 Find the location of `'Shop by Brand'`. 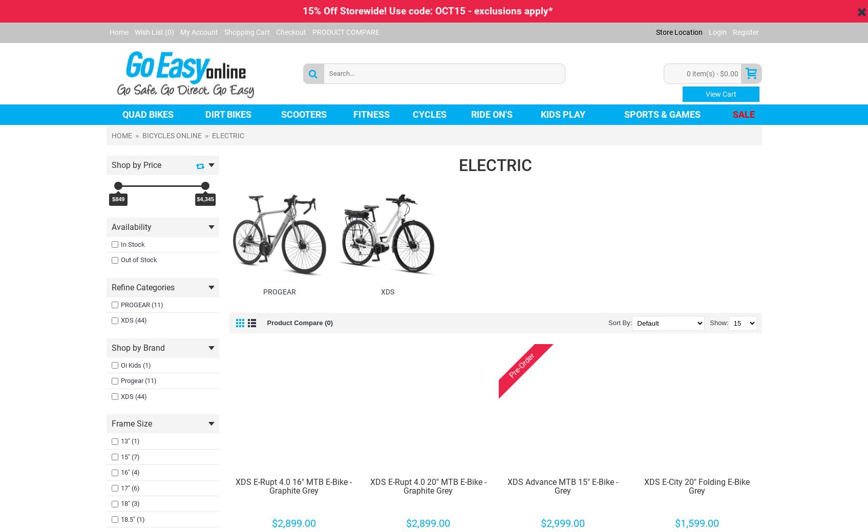

'Shop by Brand' is located at coordinates (137, 347).